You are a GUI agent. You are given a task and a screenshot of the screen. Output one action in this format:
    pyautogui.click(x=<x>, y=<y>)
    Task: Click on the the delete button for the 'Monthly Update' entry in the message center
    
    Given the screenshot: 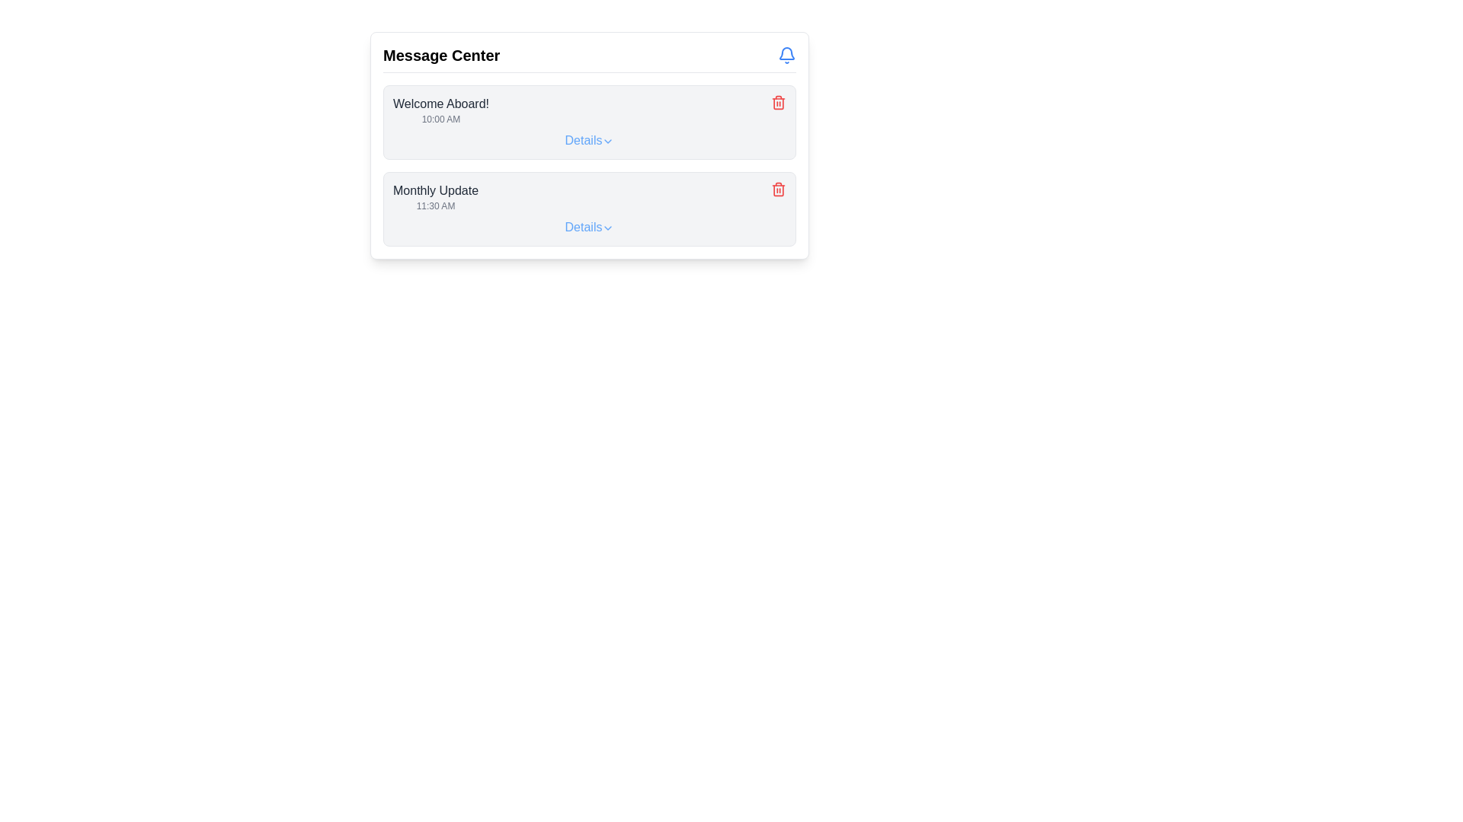 What is the action you would take?
    pyautogui.click(x=779, y=189)
    